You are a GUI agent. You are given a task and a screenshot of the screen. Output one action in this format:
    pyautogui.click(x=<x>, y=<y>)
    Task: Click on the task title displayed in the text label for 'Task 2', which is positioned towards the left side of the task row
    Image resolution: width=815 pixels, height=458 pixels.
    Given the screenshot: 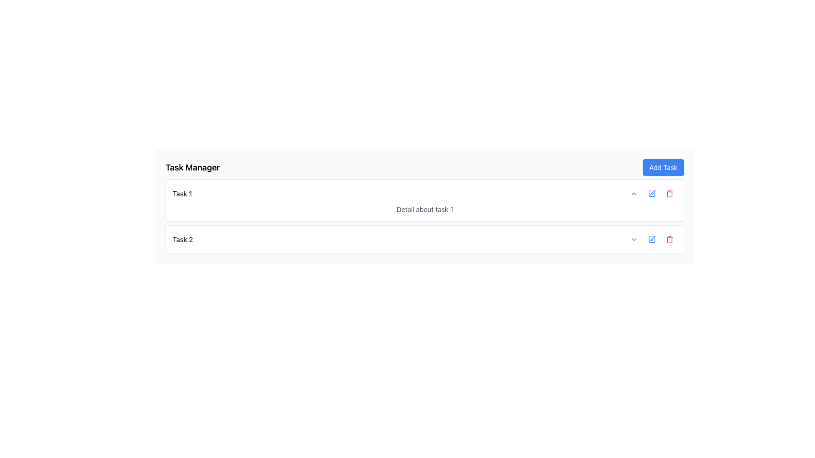 What is the action you would take?
    pyautogui.click(x=182, y=239)
    